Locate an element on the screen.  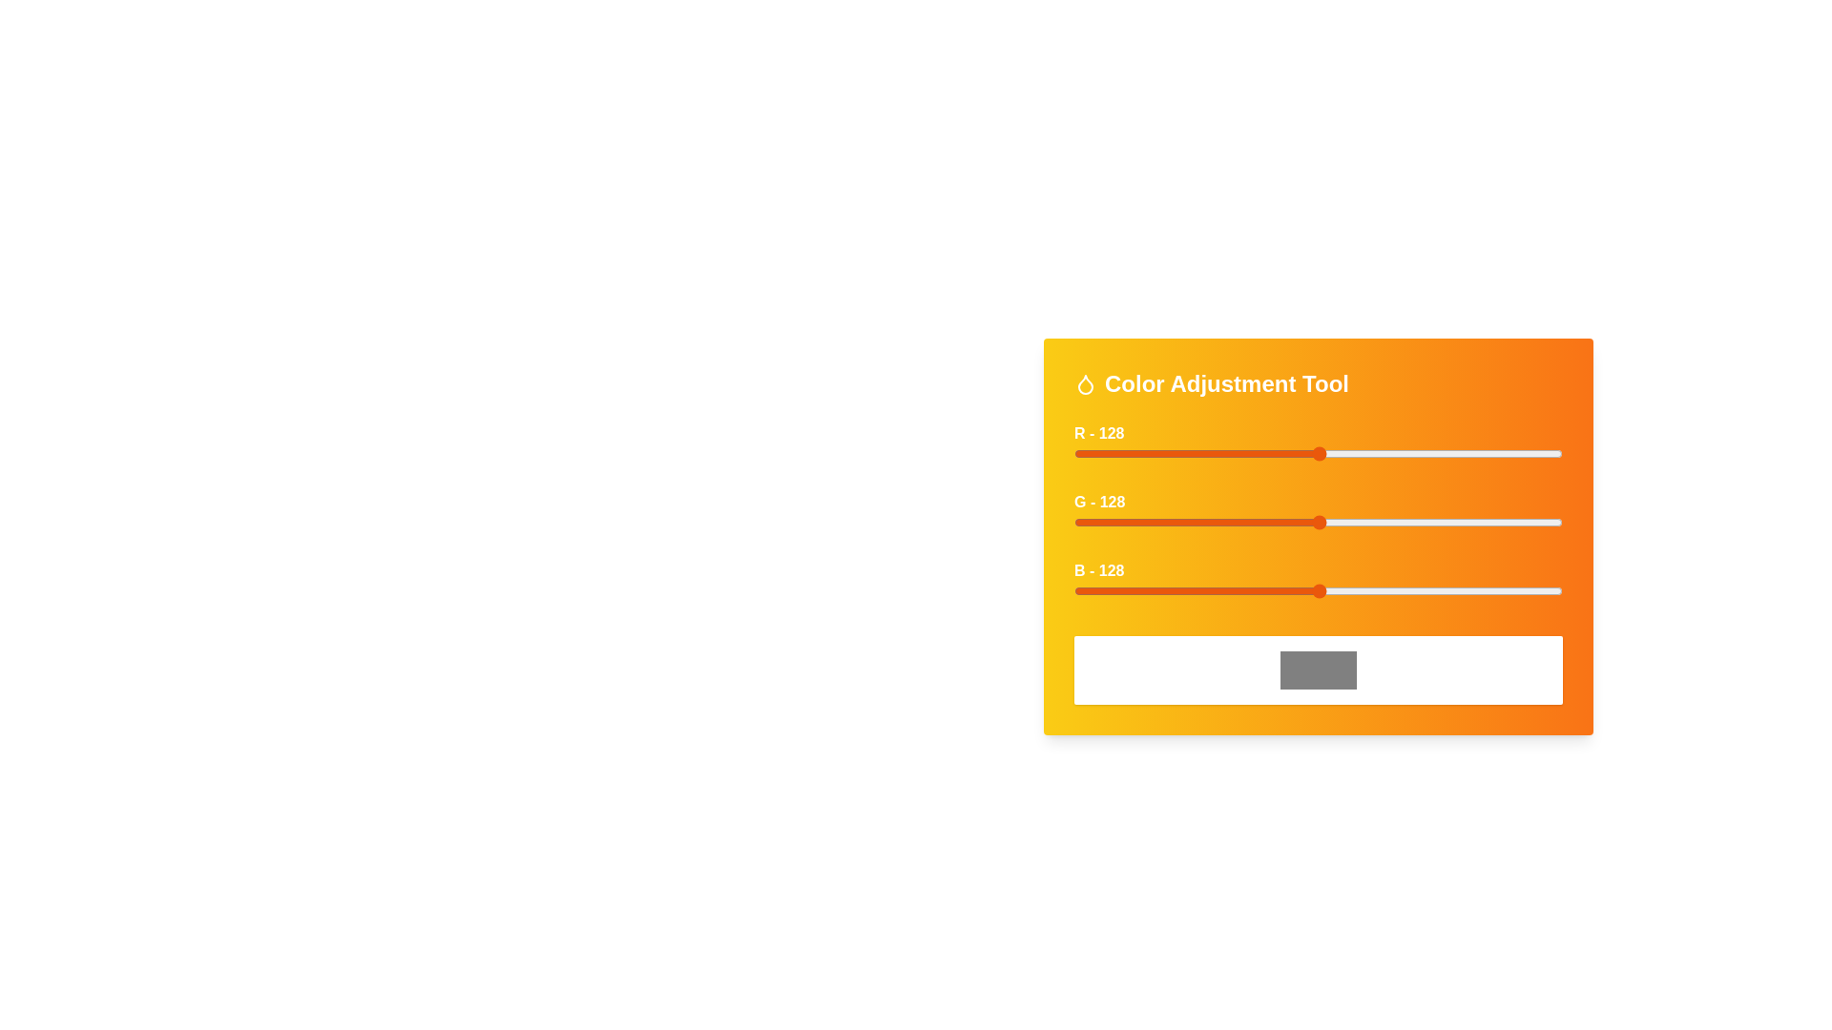
the red slider to 166 is located at coordinates (1392, 453).